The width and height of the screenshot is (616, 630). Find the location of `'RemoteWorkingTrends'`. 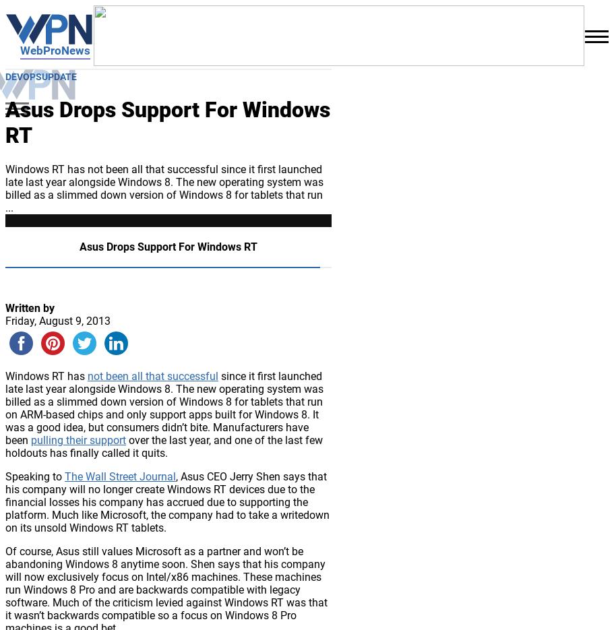

'RemoteWorkingTrends' is located at coordinates (114, 34).